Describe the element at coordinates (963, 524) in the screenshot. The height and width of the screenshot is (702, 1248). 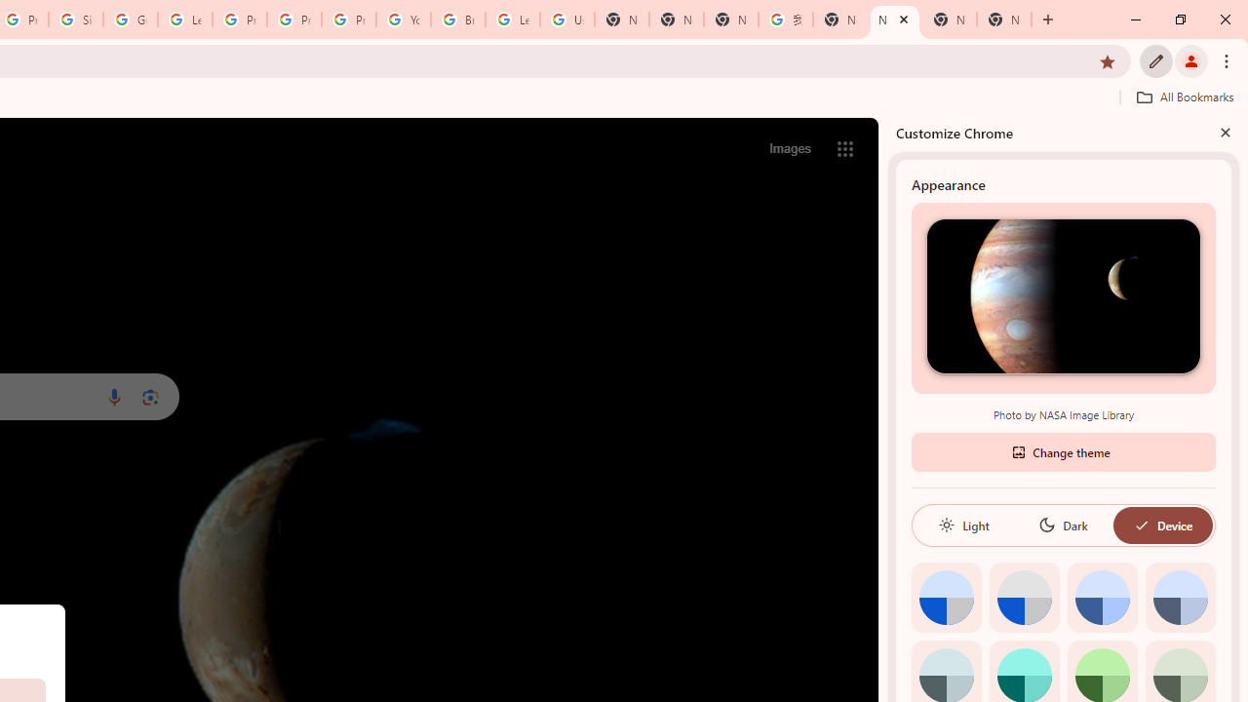
I see `'Light'` at that location.